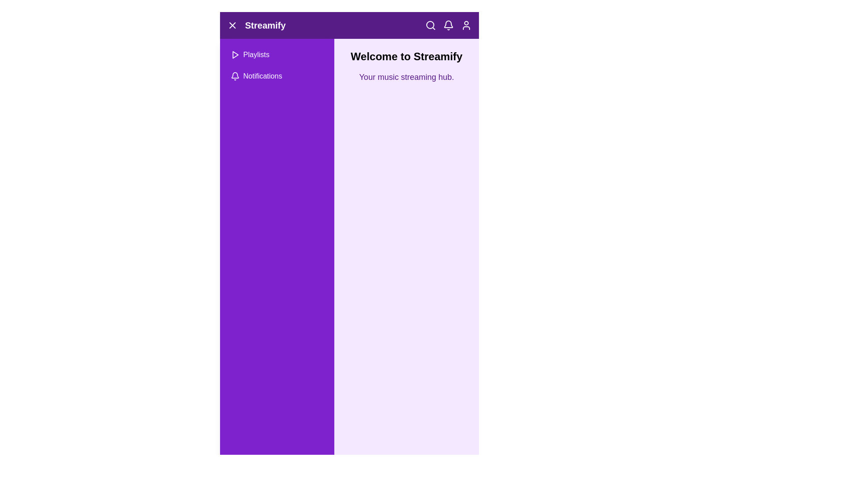 This screenshot has height=482, width=857. I want to click on branding text label that displays 'Streamify', located on the left section of the header, next to the close icon and before the search icon group, so click(256, 25).